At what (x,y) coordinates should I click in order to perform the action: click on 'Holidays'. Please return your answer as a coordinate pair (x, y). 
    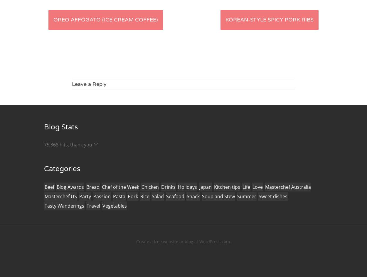
    Looking at the image, I should click on (187, 187).